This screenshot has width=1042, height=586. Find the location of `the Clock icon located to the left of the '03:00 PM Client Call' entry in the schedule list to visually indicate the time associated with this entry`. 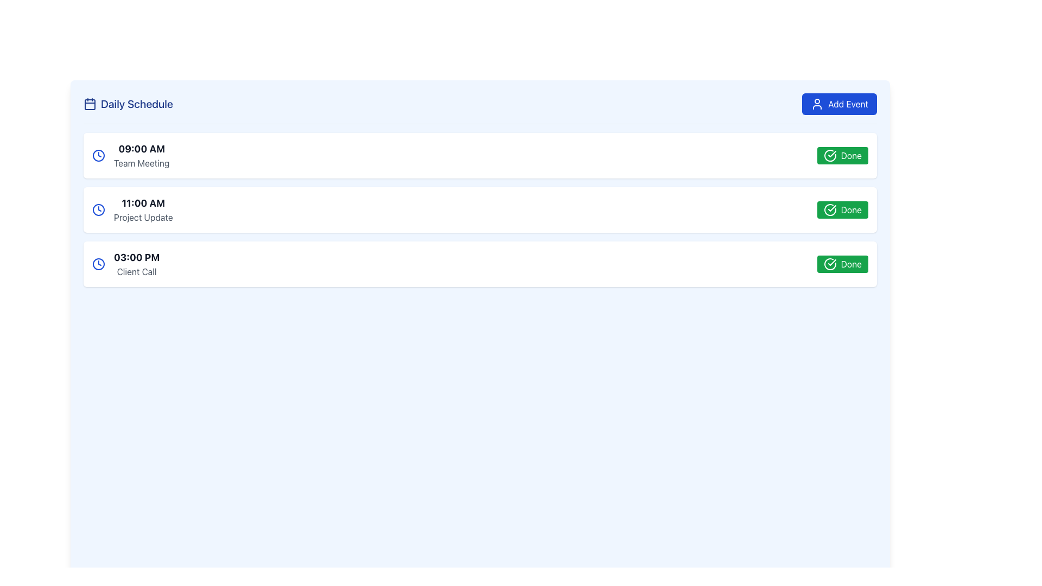

the Clock icon located to the left of the '03:00 PM Client Call' entry in the schedule list to visually indicate the time associated with this entry is located at coordinates (99, 264).